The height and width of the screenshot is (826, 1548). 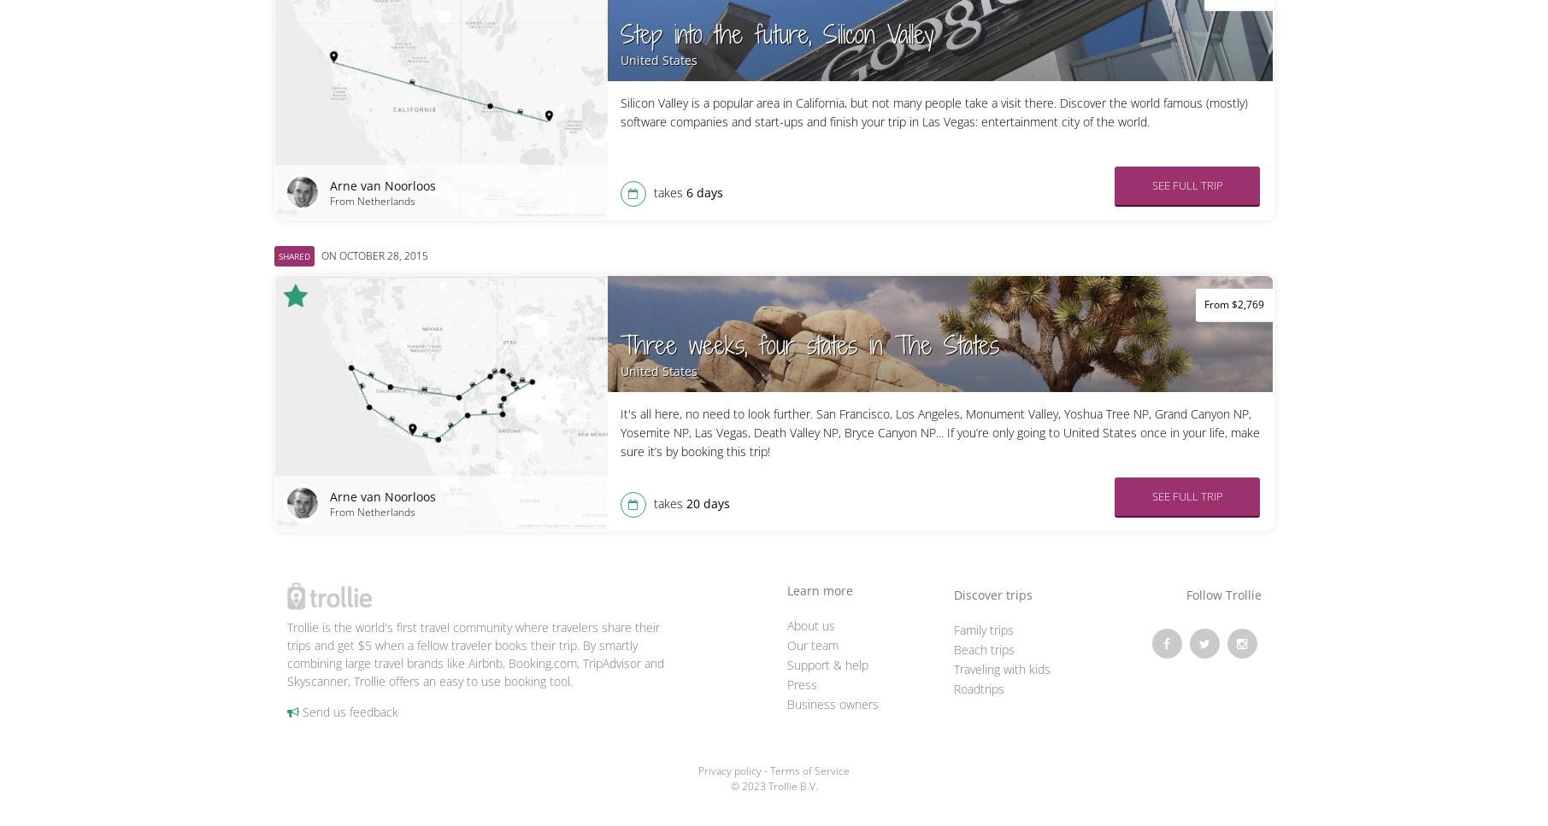 I want to click on '6 days', so click(x=703, y=192).